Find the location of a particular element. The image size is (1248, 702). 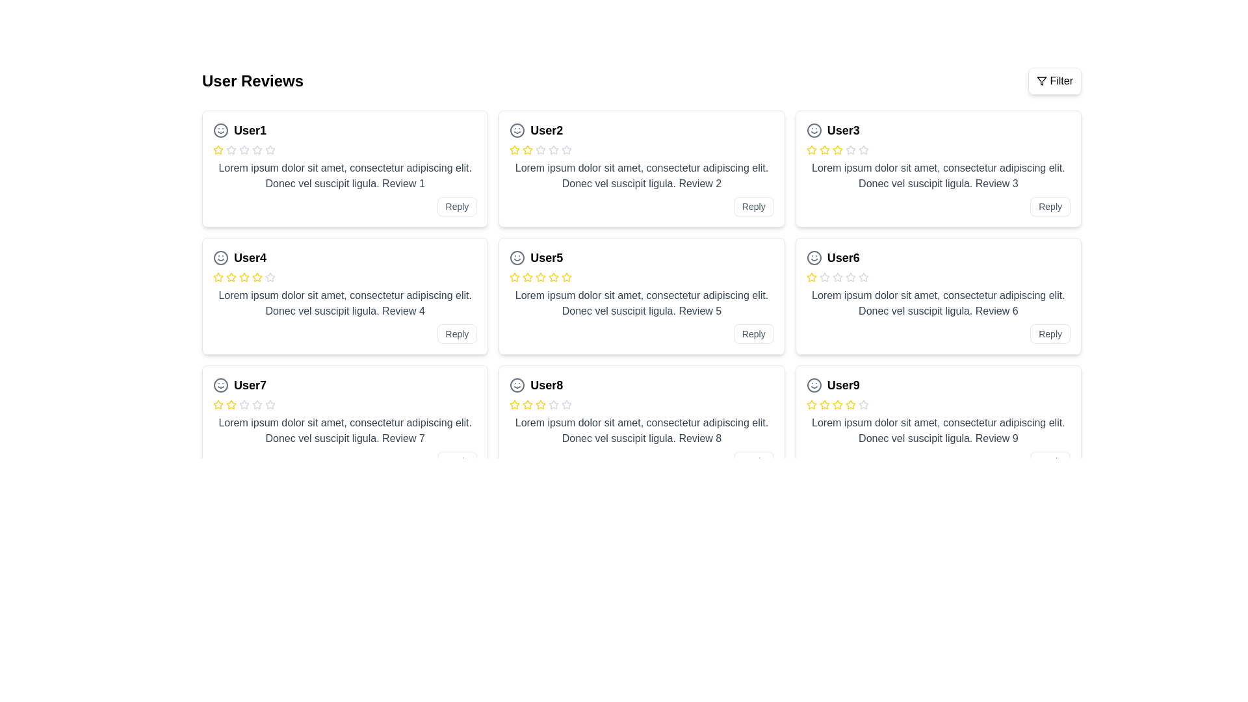

the selected third star icon in the five-star rating system within the review card for 'User3' for accessibility purposes is located at coordinates (824, 149).